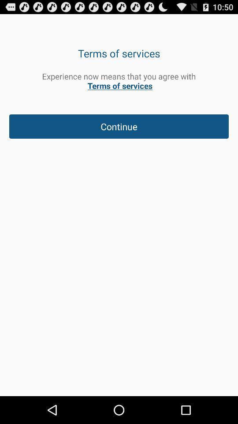 The image size is (238, 424). I want to click on the icon below experience now means app, so click(119, 126).